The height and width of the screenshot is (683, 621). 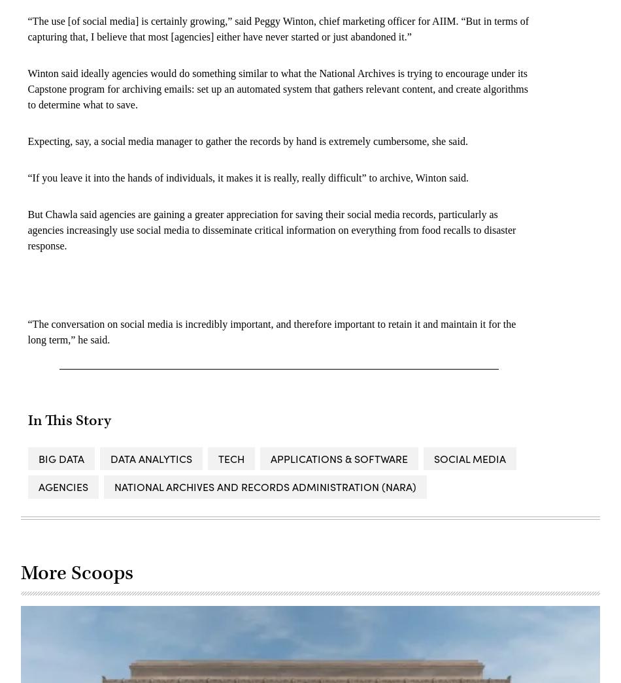 I want to click on 'But Chawla said agencies are gaining a greater appreciation for saving their social media records, particularly as agencies increasingly use social media to disseminate critical information on everything from food recalls to disaster response.', so click(x=271, y=229).